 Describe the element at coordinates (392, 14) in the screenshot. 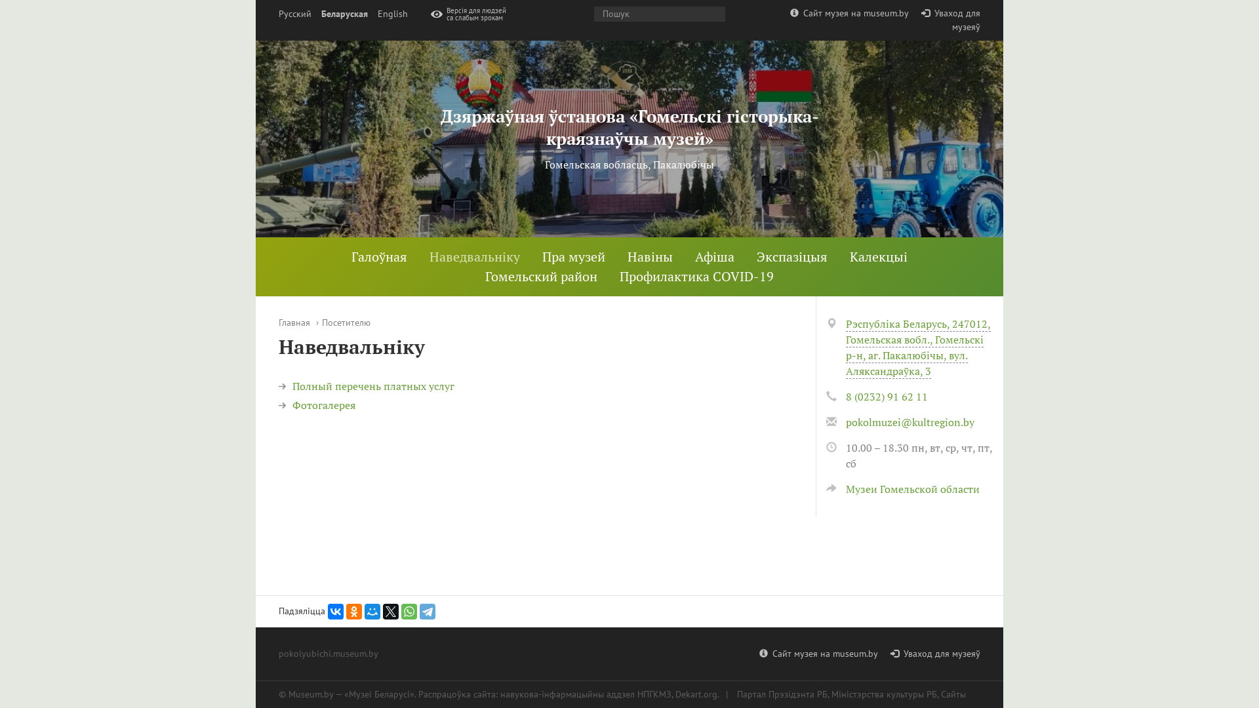

I see `'English'` at that location.